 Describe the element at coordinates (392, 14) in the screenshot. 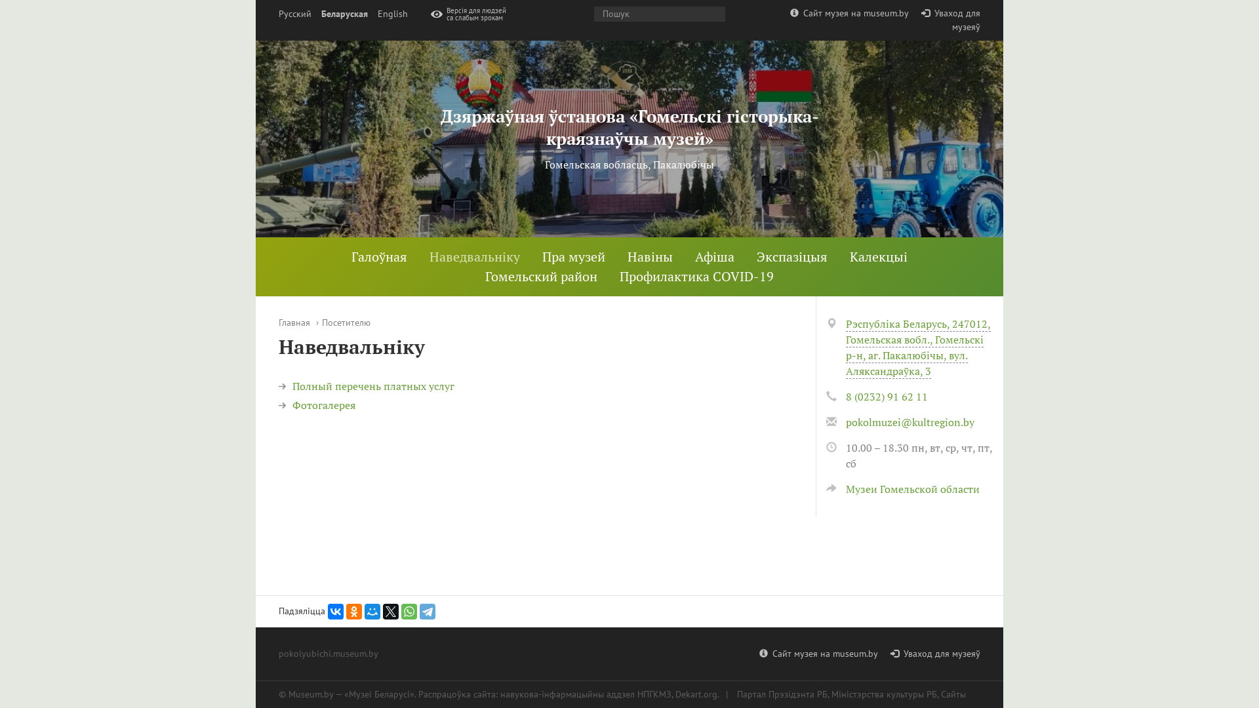

I see `'English'` at that location.